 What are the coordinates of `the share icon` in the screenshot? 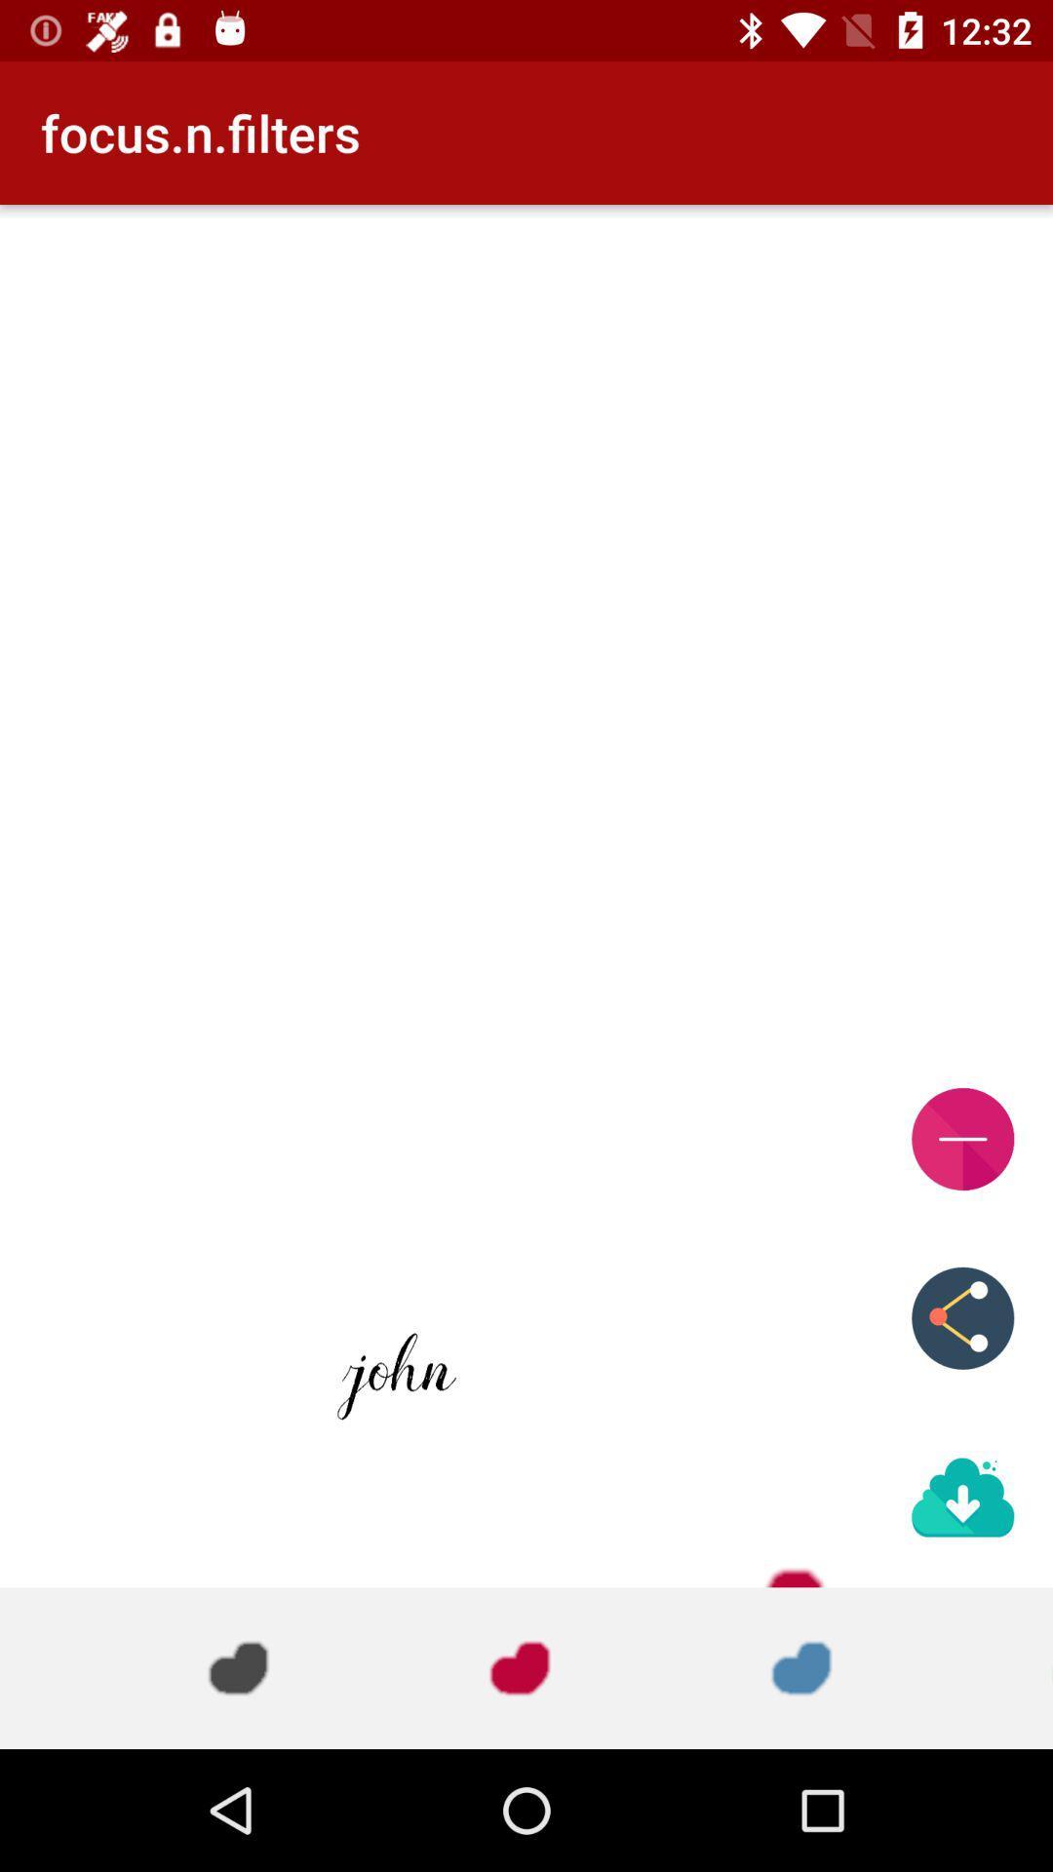 It's located at (961, 1318).